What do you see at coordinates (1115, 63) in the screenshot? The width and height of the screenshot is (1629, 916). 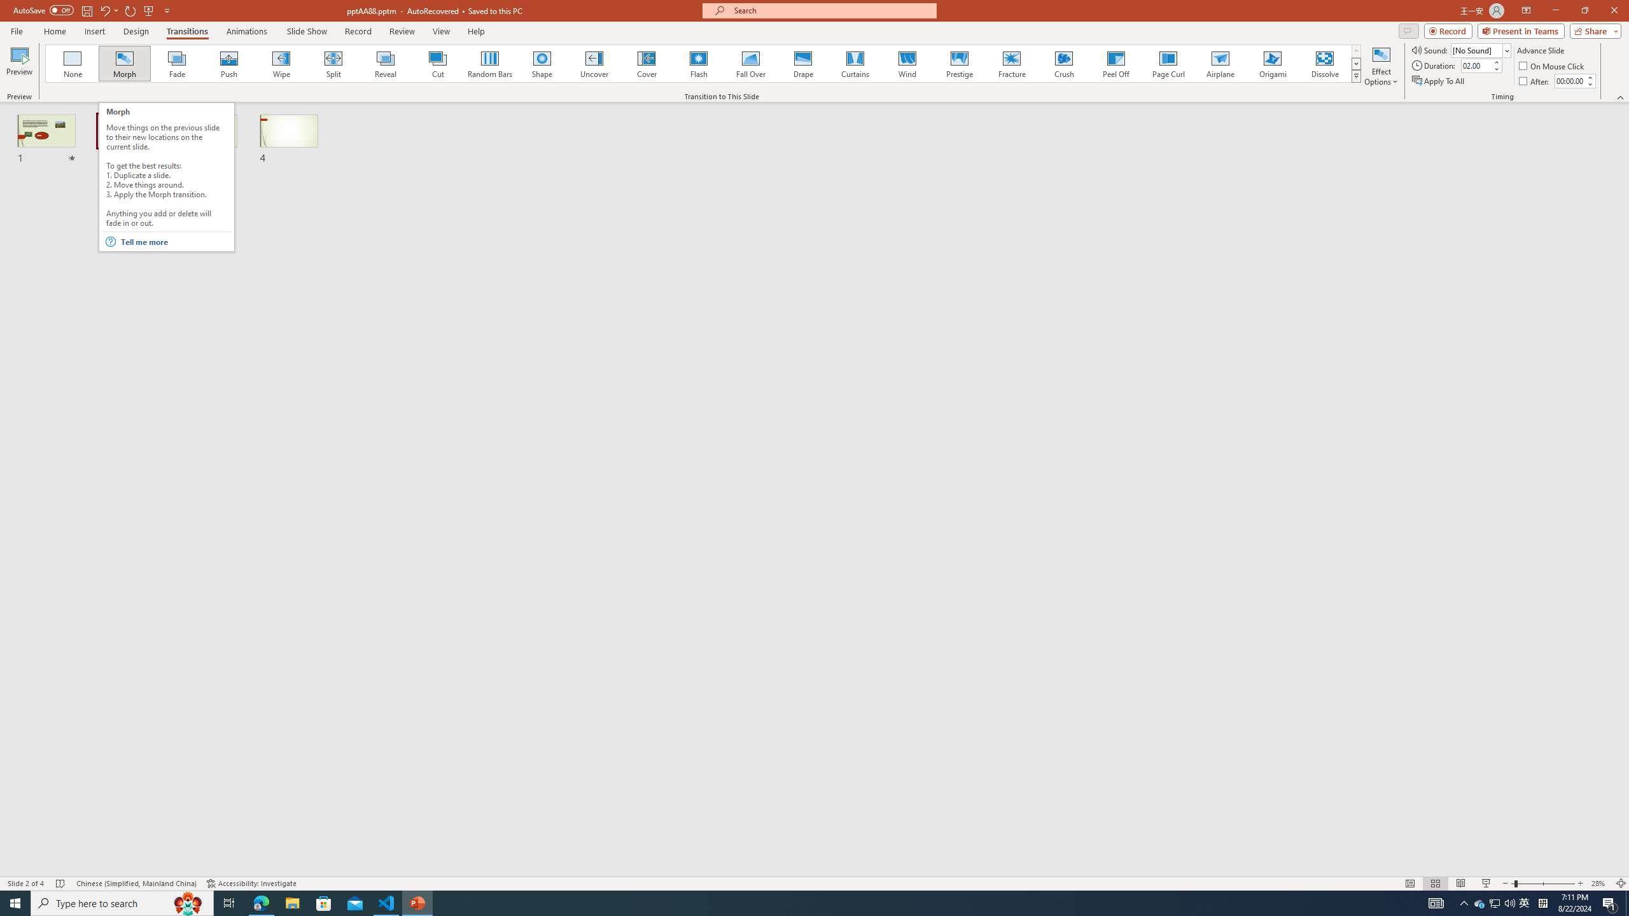 I see `'Peel Off'` at bounding box center [1115, 63].